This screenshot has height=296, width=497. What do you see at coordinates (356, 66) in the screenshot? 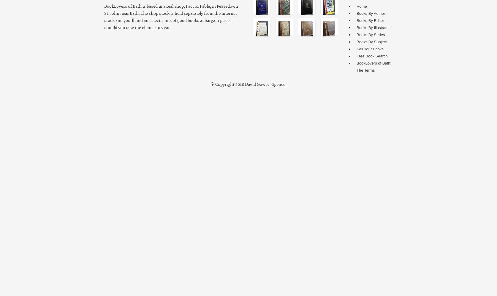
I see `'BookLovers of Bath: The Terms'` at bounding box center [356, 66].